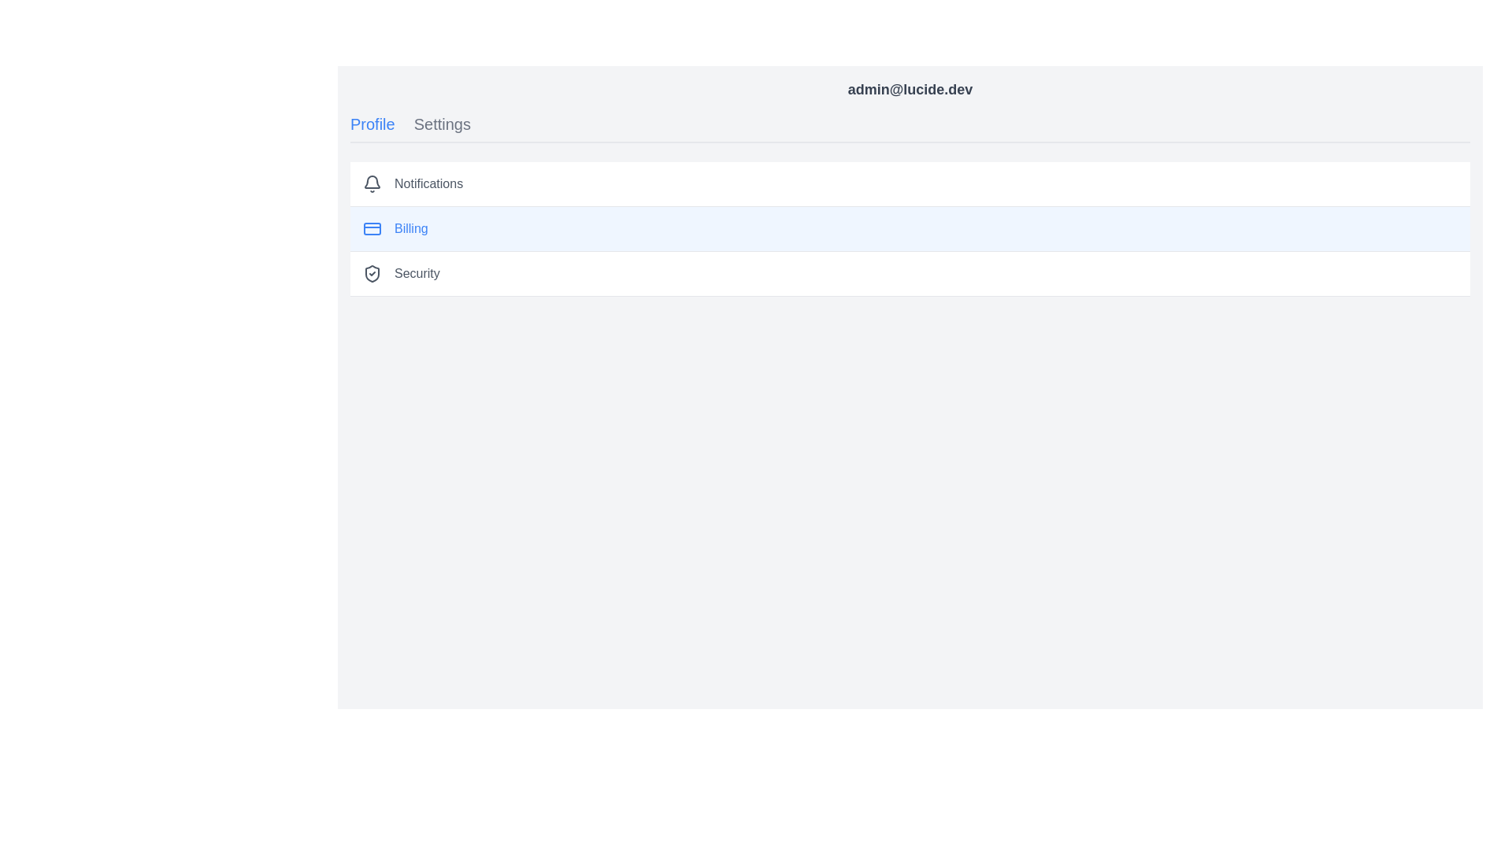 The width and height of the screenshot is (1512, 850). What do you see at coordinates (372, 181) in the screenshot?
I see `the bell icon representing the notifications section` at bounding box center [372, 181].